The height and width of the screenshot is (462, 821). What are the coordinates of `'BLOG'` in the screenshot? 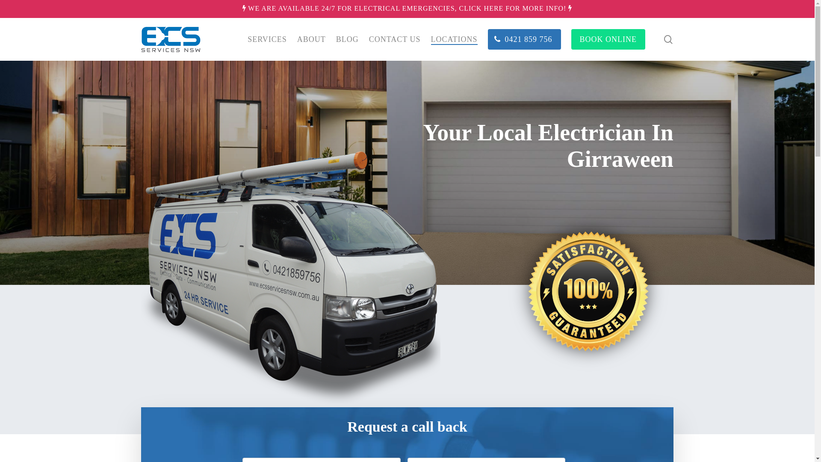 It's located at (347, 39).